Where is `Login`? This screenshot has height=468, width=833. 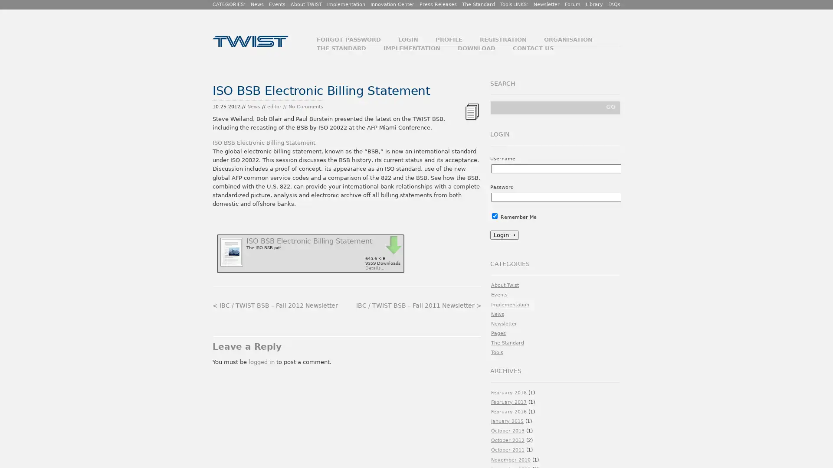 Login is located at coordinates (504, 235).